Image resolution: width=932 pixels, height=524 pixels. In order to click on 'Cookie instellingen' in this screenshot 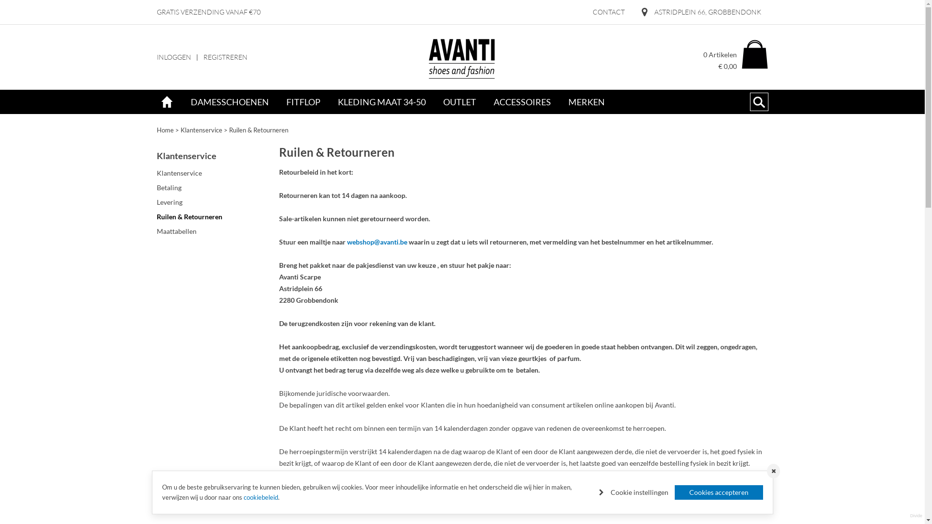, I will do `click(633, 492)`.